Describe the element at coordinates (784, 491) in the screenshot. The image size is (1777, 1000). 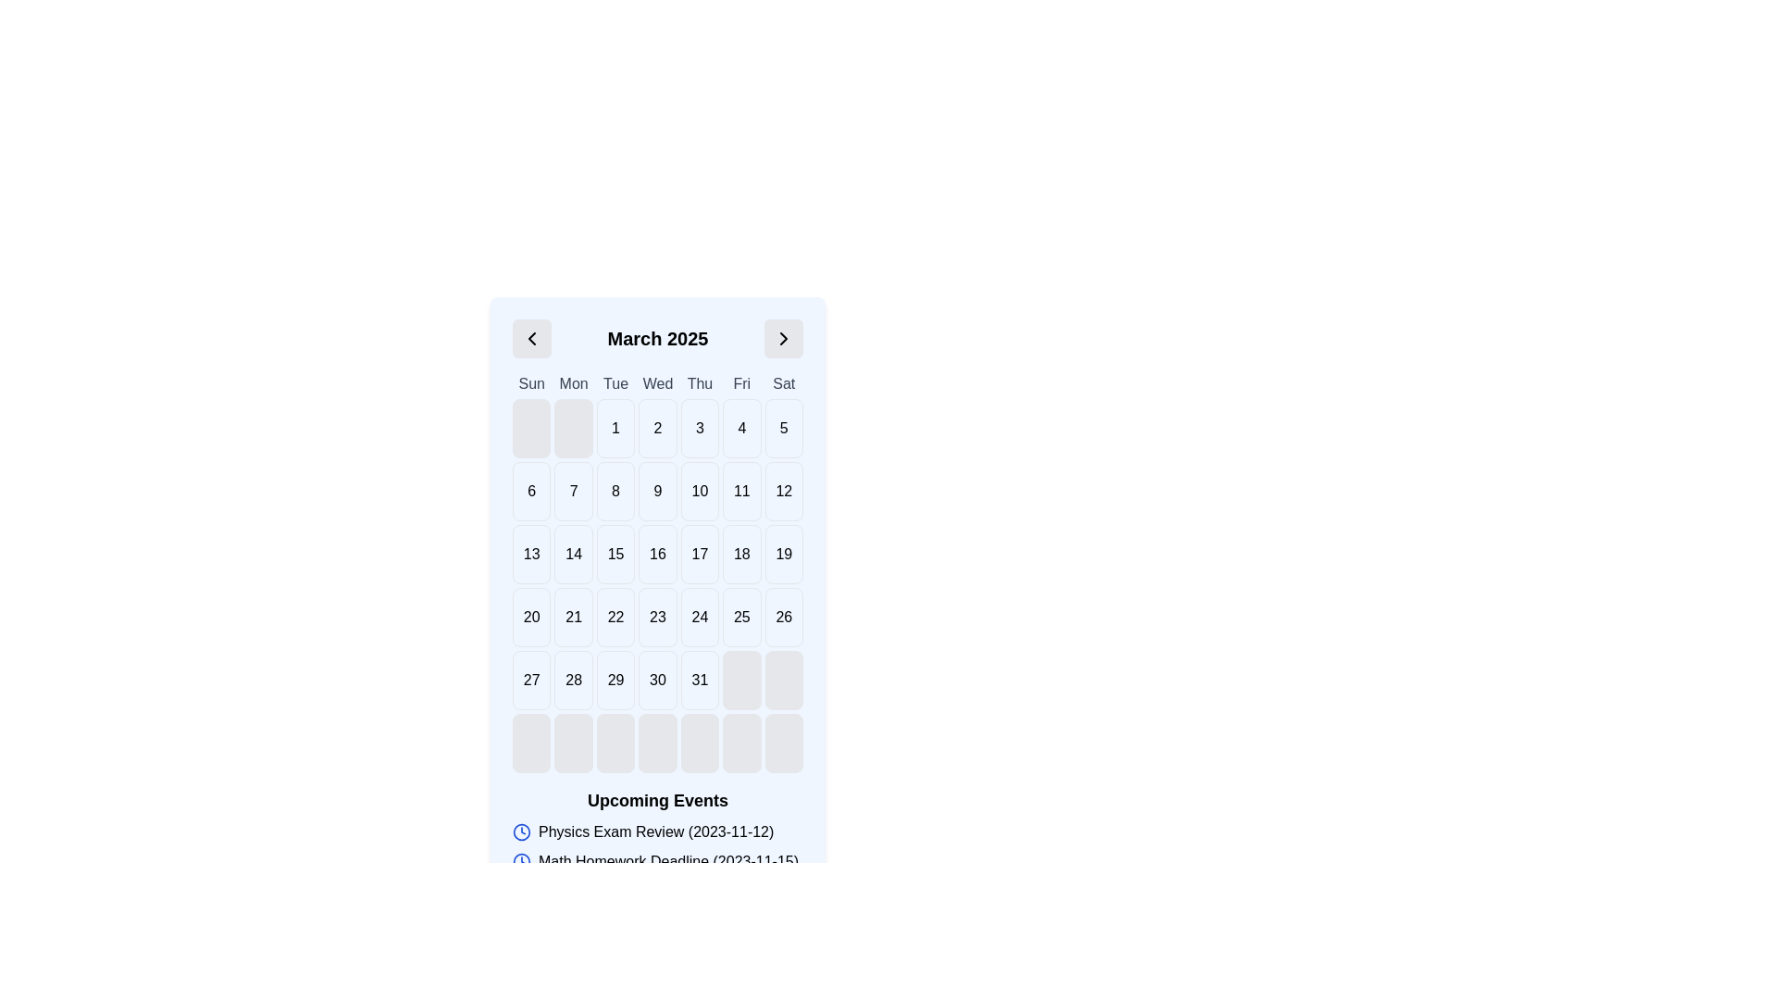
I see `the calendar day cell representing the date '12' in the sixth row and last column (Saturday) of the calendar grid` at that location.